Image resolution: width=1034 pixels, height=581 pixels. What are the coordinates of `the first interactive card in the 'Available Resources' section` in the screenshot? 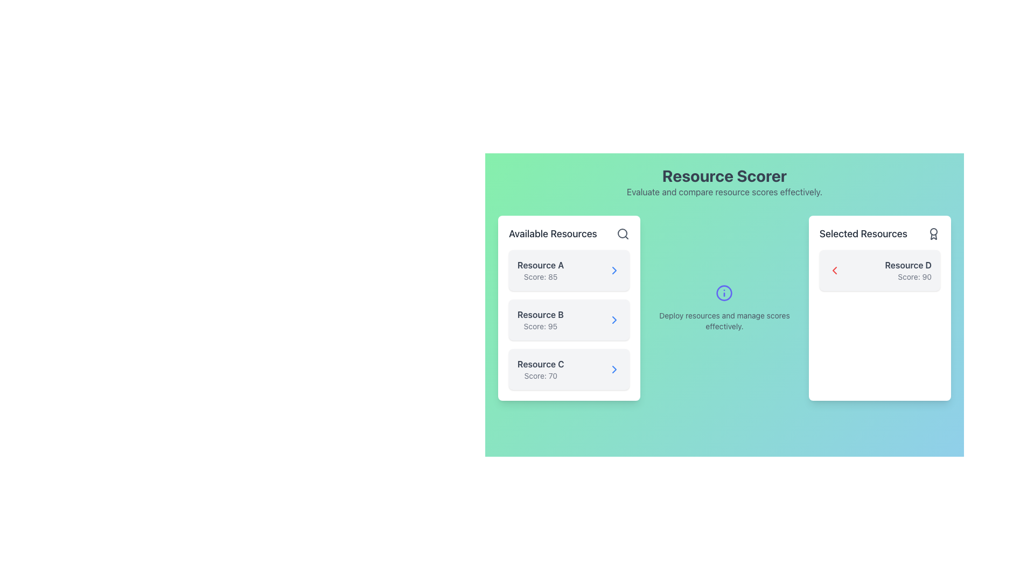 It's located at (568, 270).